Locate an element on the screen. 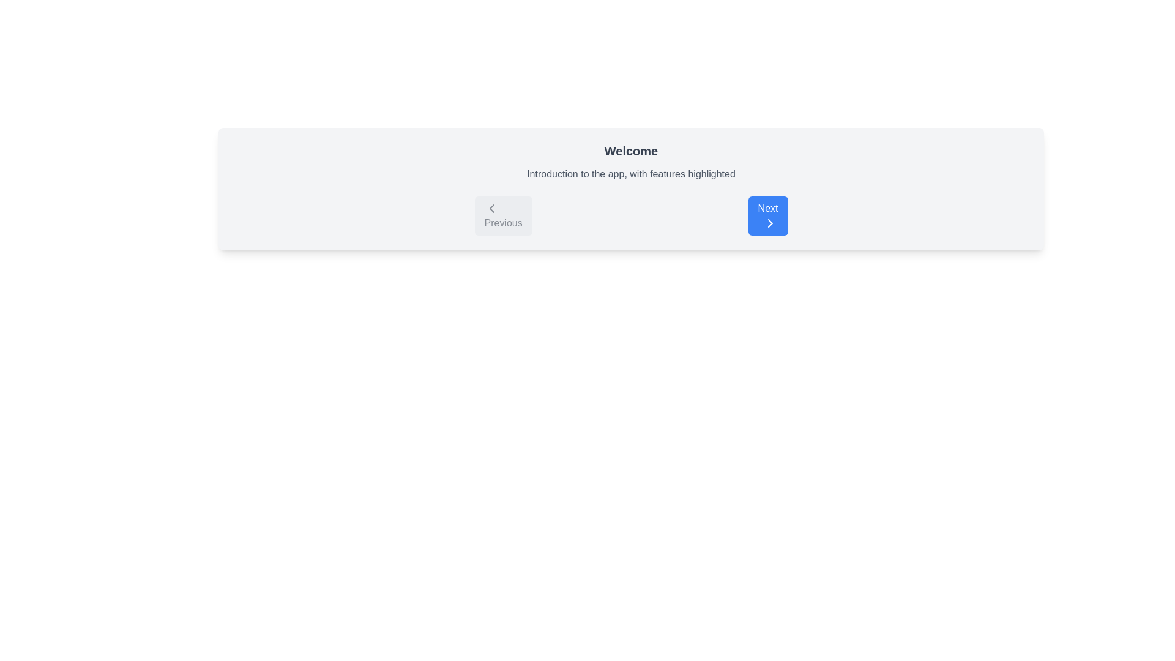 This screenshot has height=661, width=1175. the rightward-pointing chevron icon within the blue rectangular 'Next' button is located at coordinates (769, 223).